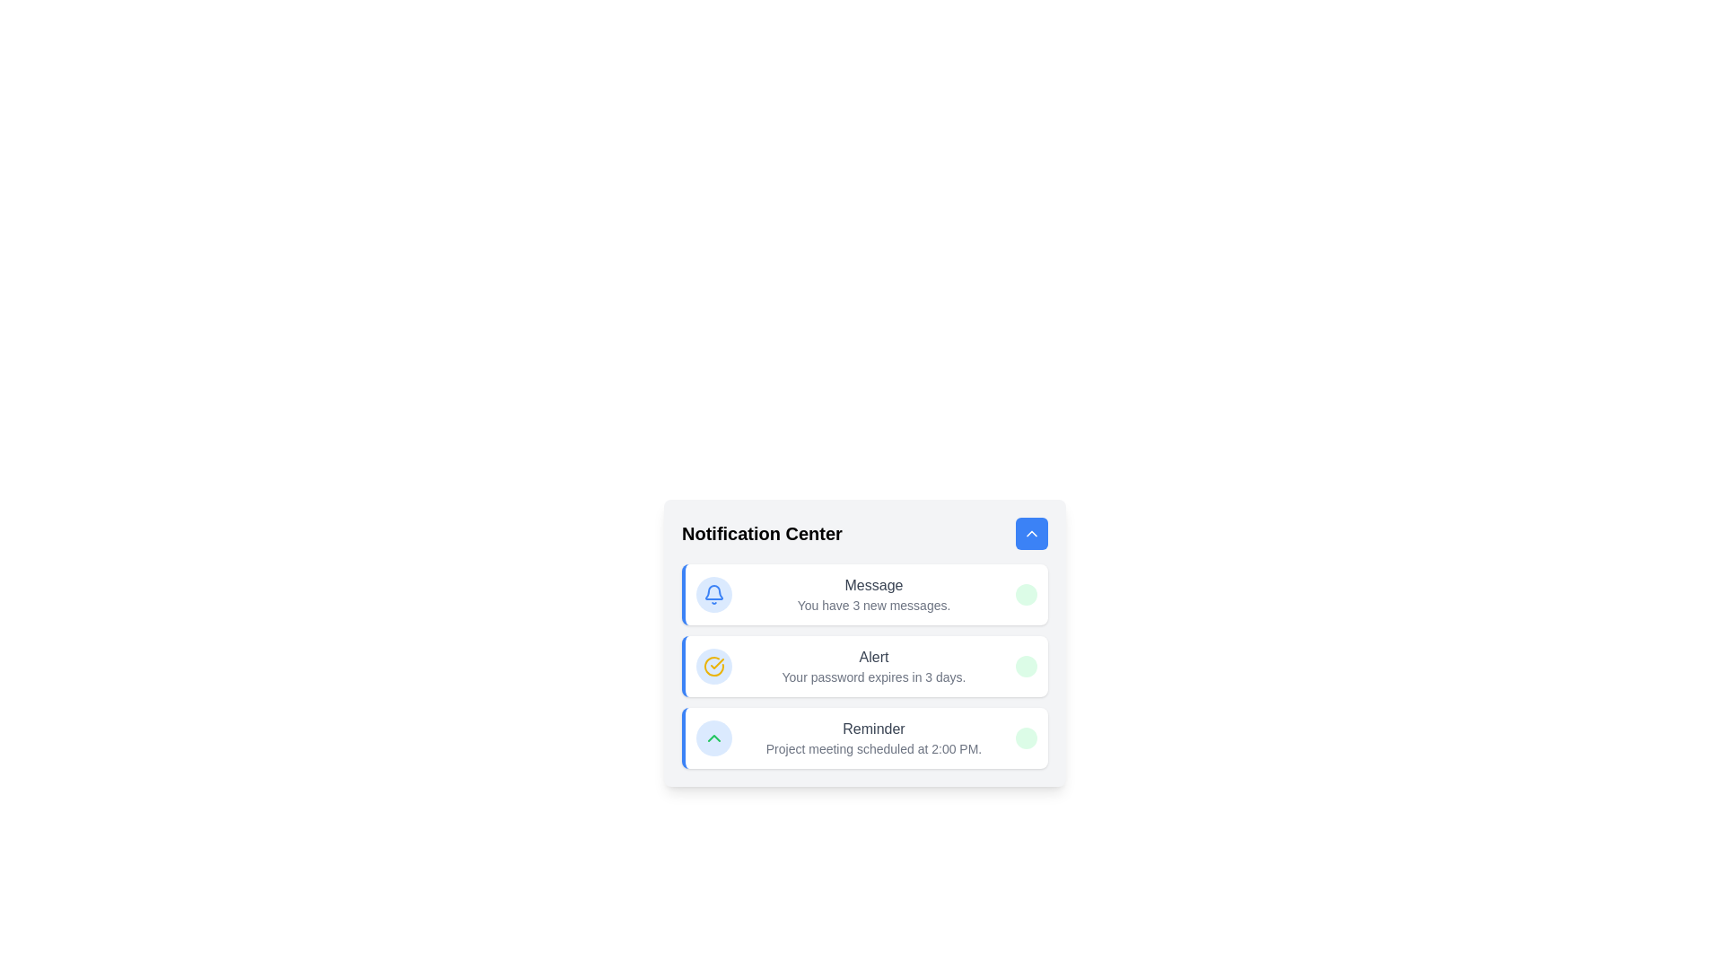 Image resolution: width=1723 pixels, height=969 pixels. I want to click on the graphical checkmark icon within the circular icon in the notification center of the 'Alert' notification card, so click(716, 664).